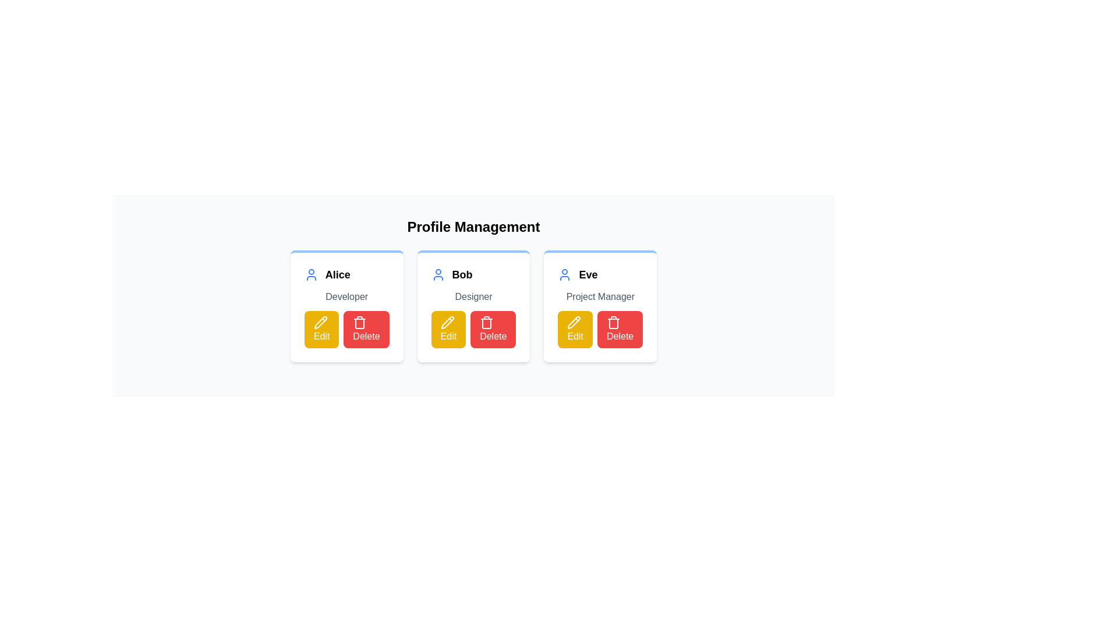 The height and width of the screenshot is (629, 1118). I want to click on the gray text label displaying 'Designer' located below the name 'Bob' in the user profile card, so click(473, 296).